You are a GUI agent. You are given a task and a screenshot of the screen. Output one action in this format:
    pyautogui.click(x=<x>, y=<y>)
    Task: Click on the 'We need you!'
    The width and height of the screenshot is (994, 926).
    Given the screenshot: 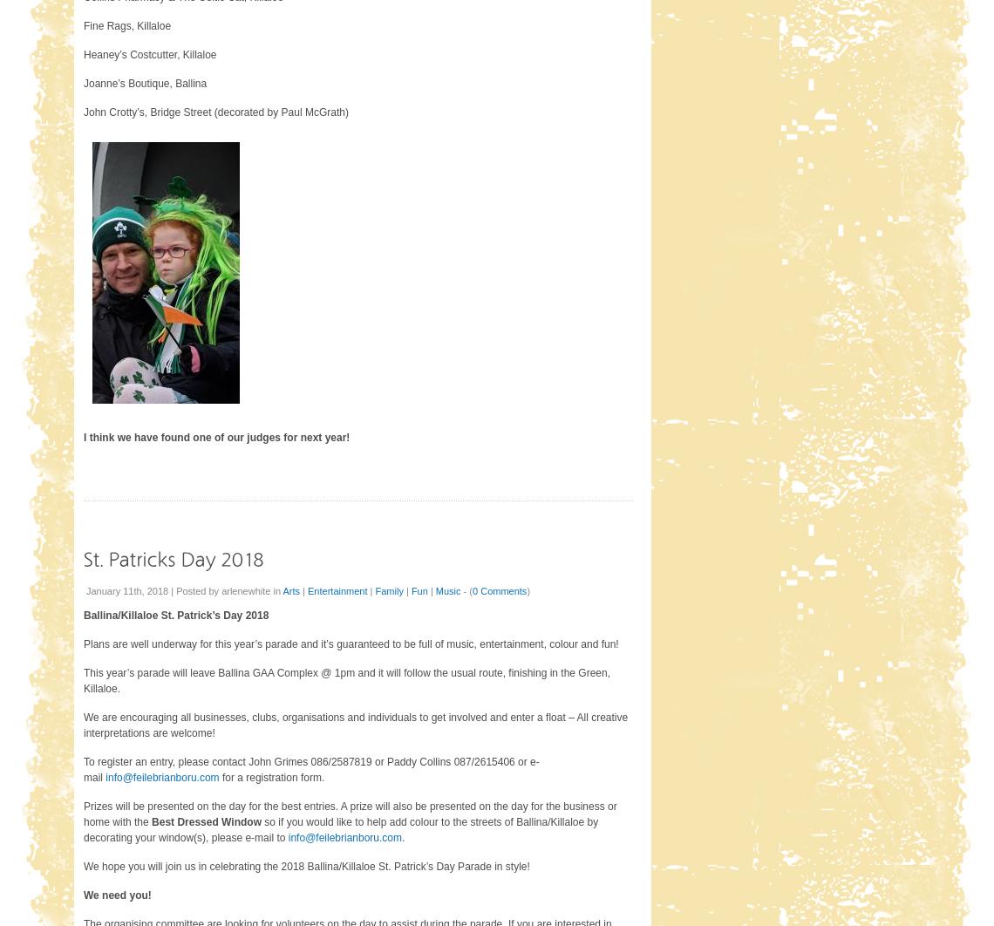 What is the action you would take?
    pyautogui.click(x=116, y=893)
    